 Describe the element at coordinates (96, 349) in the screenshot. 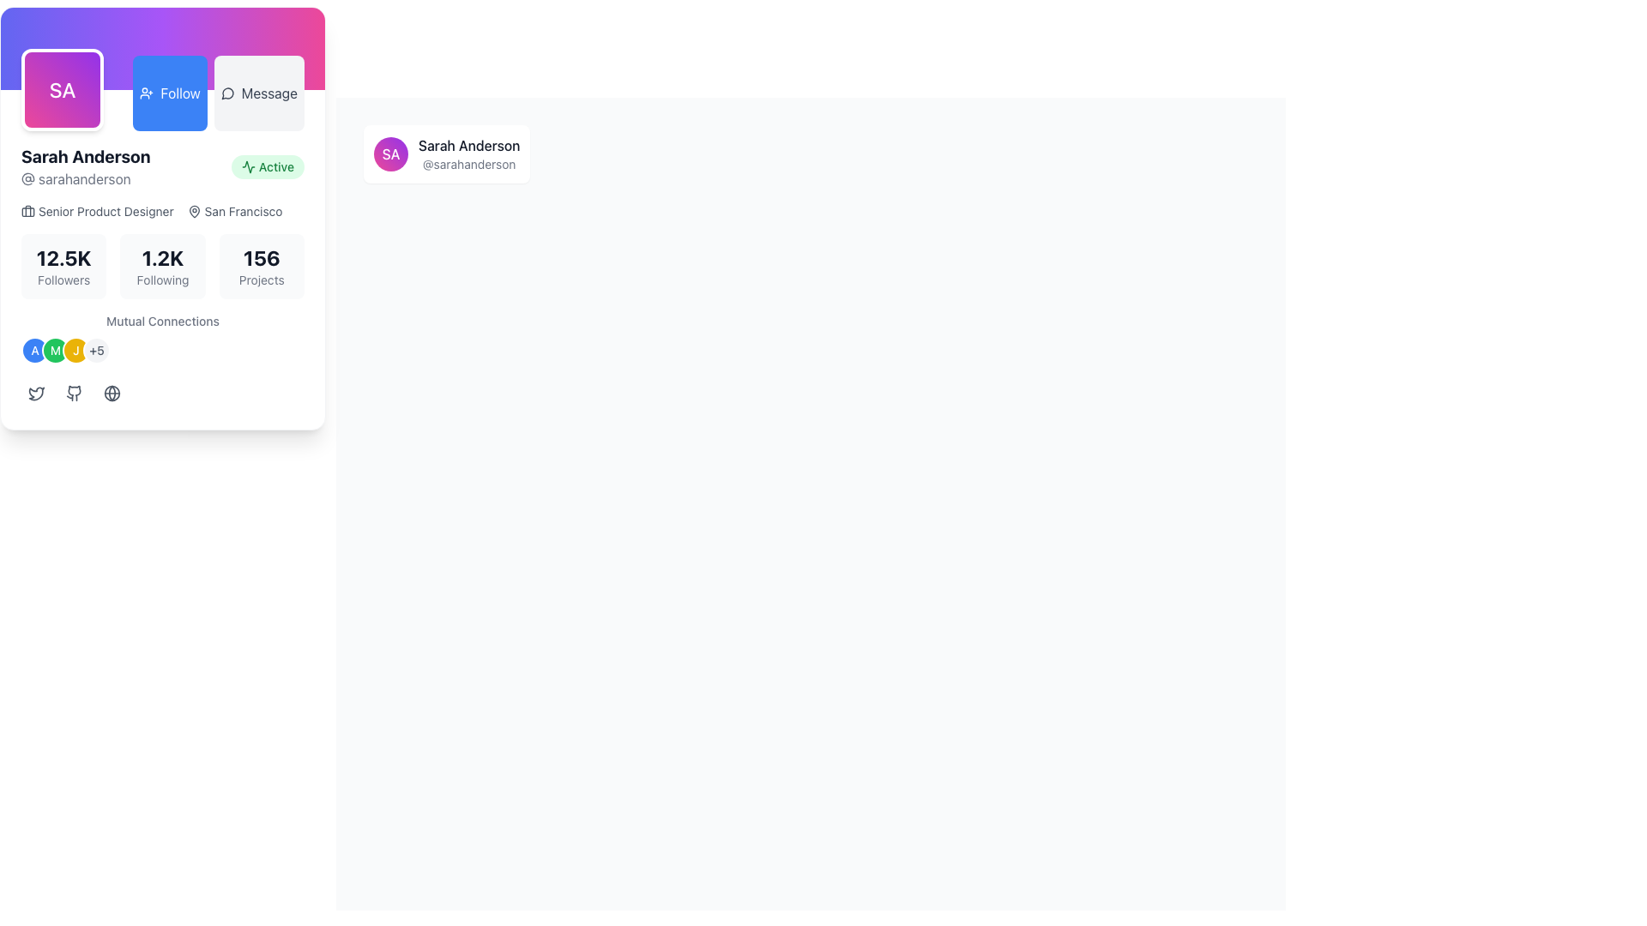

I see `the circular badge with a light gray background and '+5' text, located at the far right within the 'Mutual Connections' section` at that location.